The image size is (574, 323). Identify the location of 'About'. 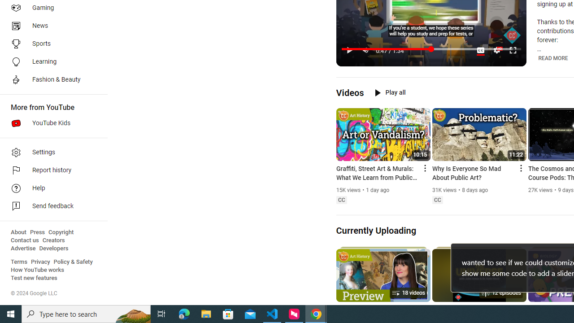
(18, 232).